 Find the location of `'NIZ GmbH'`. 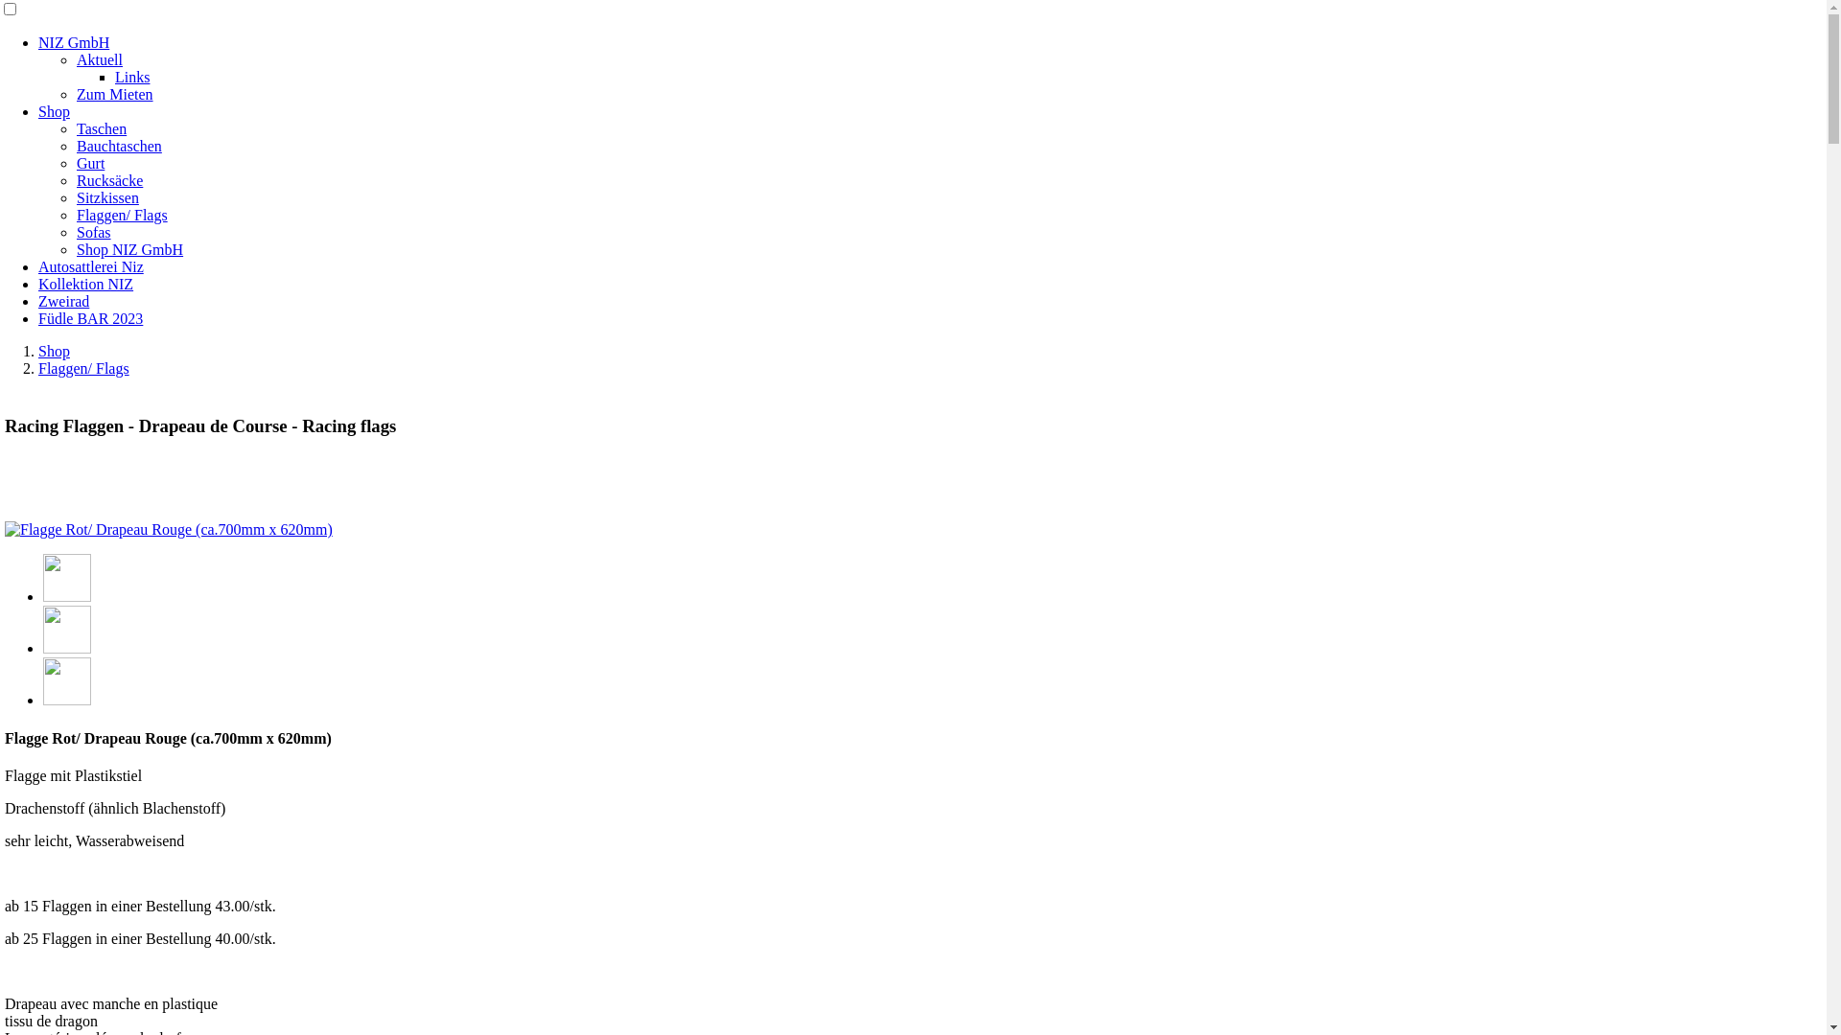

'NIZ GmbH' is located at coordinates (73, 42).